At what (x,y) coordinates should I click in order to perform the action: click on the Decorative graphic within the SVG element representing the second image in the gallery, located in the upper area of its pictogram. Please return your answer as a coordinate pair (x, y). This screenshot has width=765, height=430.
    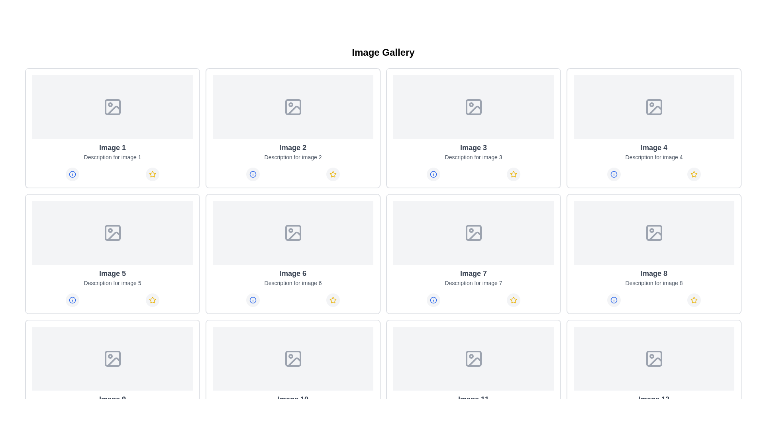
    Looking at the image, I should click on (294, 110).